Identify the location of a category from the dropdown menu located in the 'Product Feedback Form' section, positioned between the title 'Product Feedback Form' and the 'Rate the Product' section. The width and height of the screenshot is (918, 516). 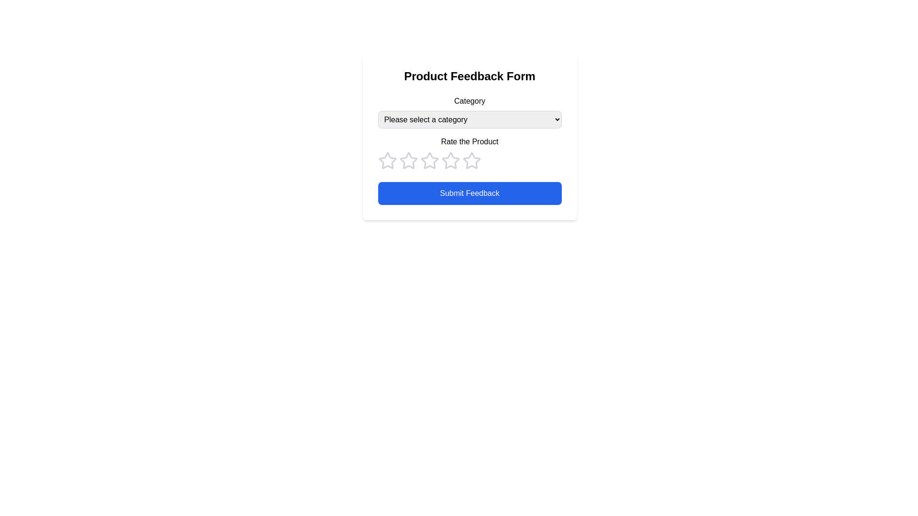
(470, 111).